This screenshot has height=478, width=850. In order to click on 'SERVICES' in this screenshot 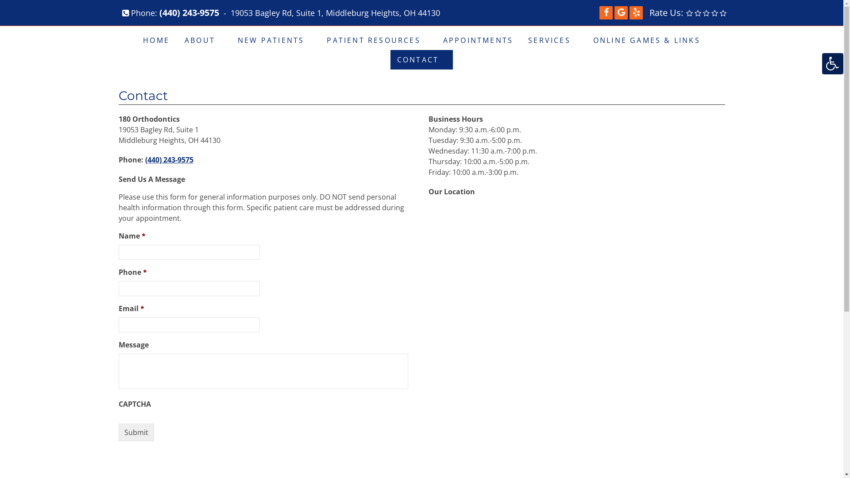, I will do `click(521, 40)`.